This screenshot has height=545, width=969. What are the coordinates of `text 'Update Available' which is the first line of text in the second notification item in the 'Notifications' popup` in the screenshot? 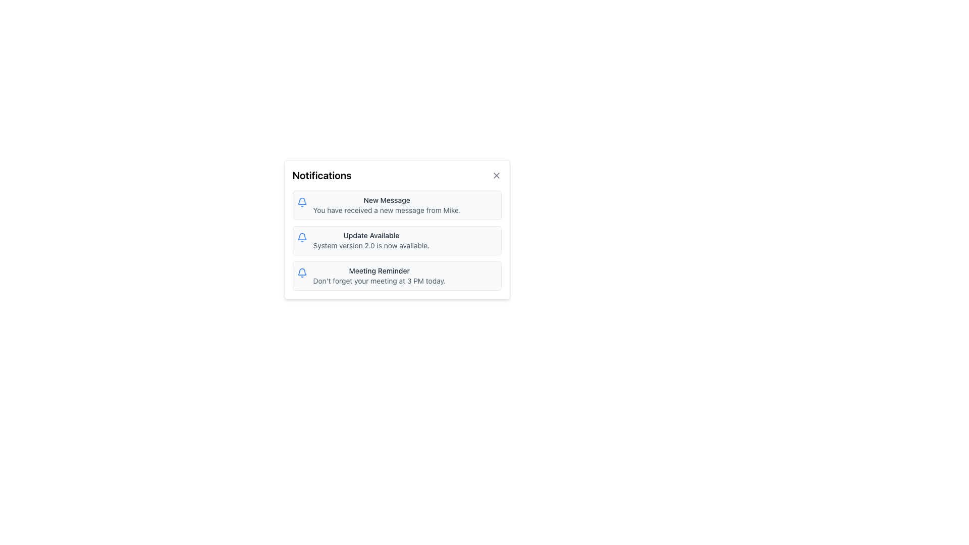 It's located at (370, 235).